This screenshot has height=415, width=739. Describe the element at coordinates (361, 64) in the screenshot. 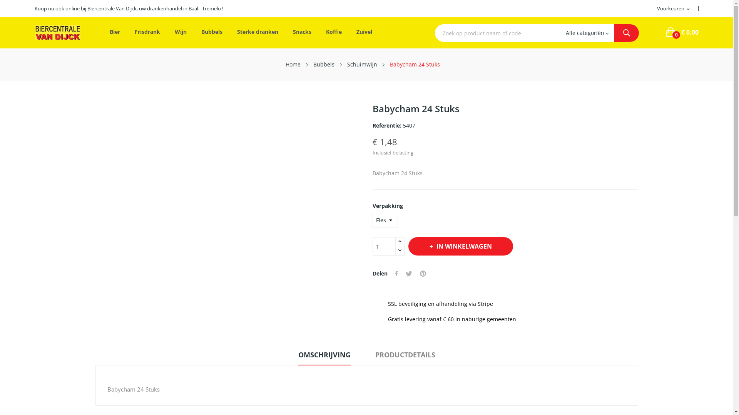

I see `'Schuimwijn'` at that location.